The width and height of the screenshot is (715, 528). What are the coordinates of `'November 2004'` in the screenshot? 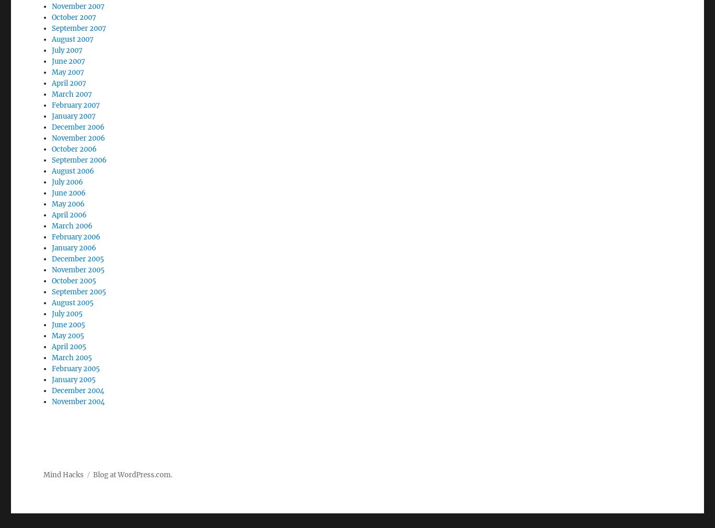 It's located at (77, 372).